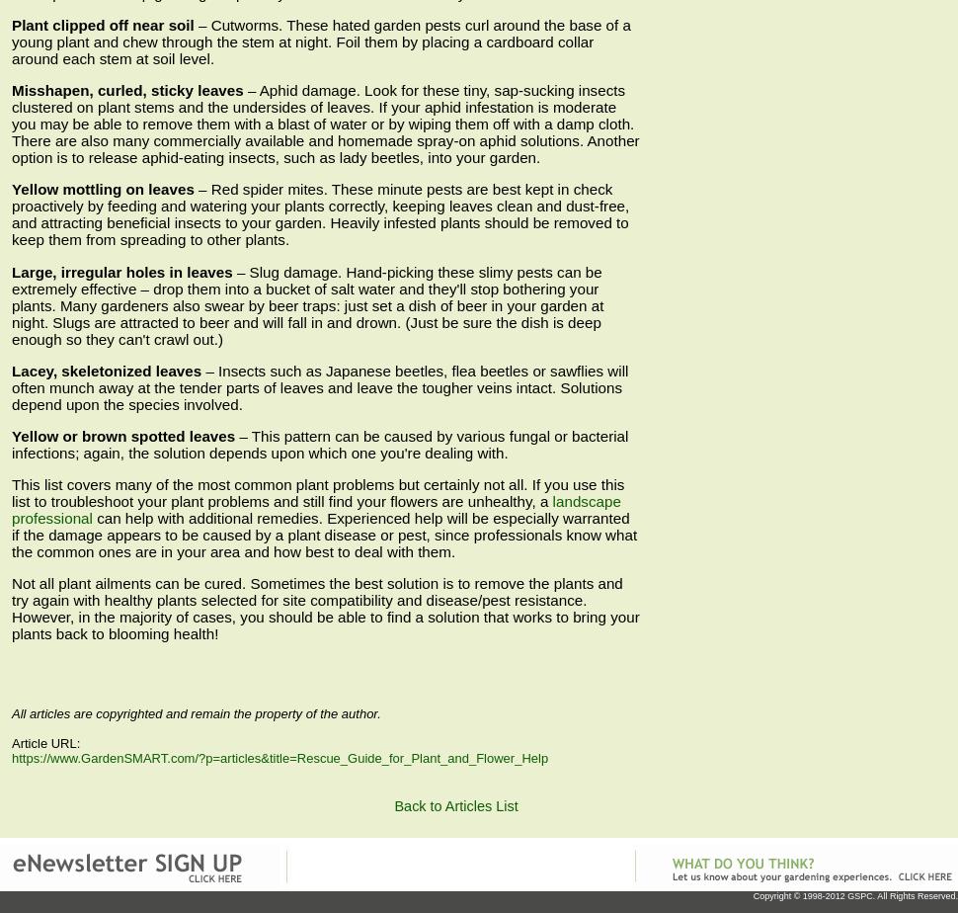 This screenshot has width=958, height=913. Describe the element at coordinates (12, 90) in the screenshot. I see `'Misshapen, curled, sticky leaves'` at that location.